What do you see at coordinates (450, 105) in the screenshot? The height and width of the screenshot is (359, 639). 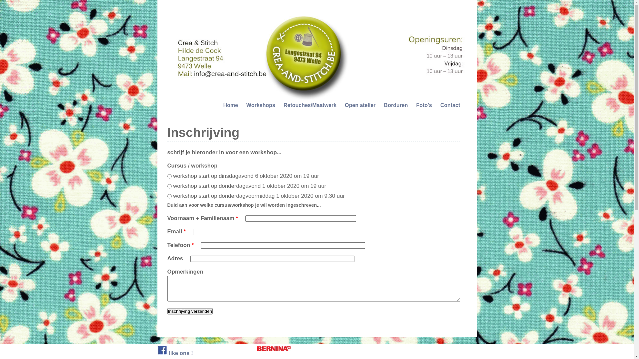 I see `'Contact'` at bounding box center [450, 105].